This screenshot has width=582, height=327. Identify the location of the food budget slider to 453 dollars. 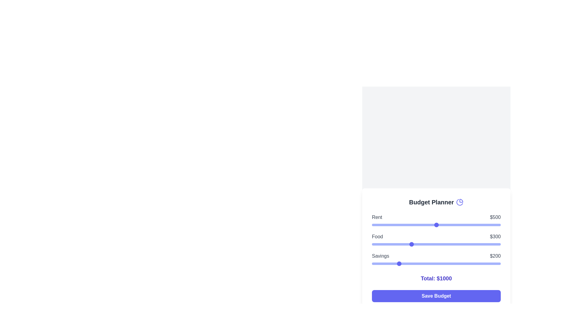
(430, 244).